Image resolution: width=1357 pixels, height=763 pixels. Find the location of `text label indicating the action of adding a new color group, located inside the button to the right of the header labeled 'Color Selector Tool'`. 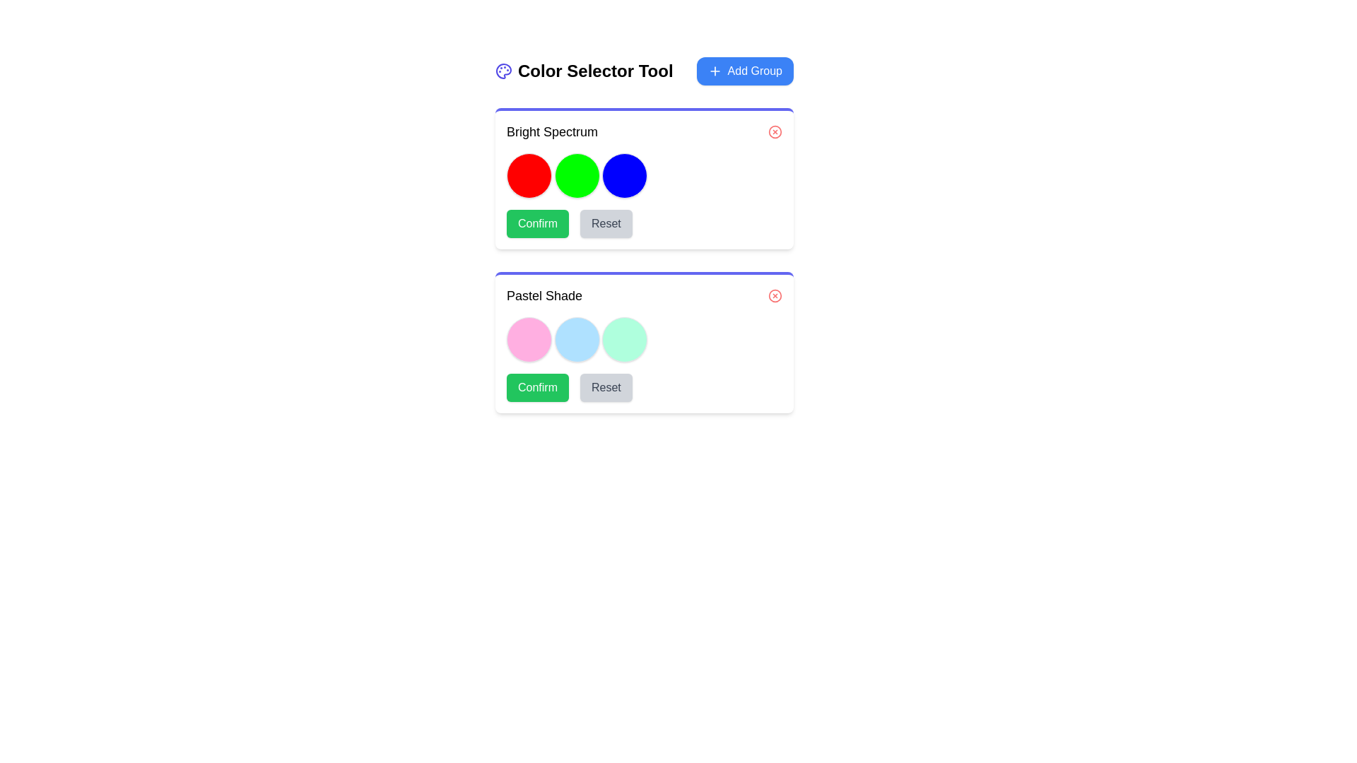

text label indicating the action of adding a new color group, located inside the button to the right of the header labeled 'Color Selector Tool' is located at coordinates (754, 71).